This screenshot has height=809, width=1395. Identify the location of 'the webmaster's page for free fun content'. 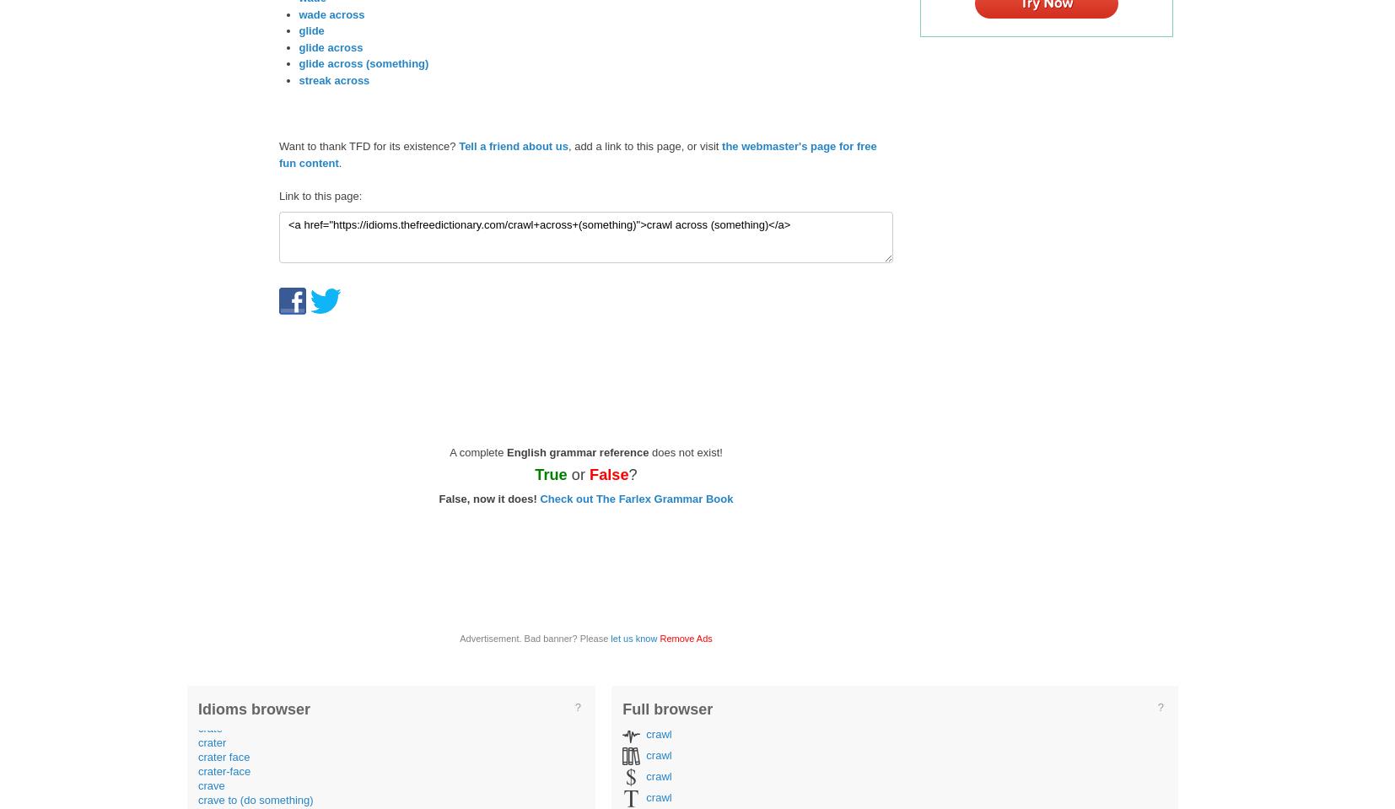
(577, 153).